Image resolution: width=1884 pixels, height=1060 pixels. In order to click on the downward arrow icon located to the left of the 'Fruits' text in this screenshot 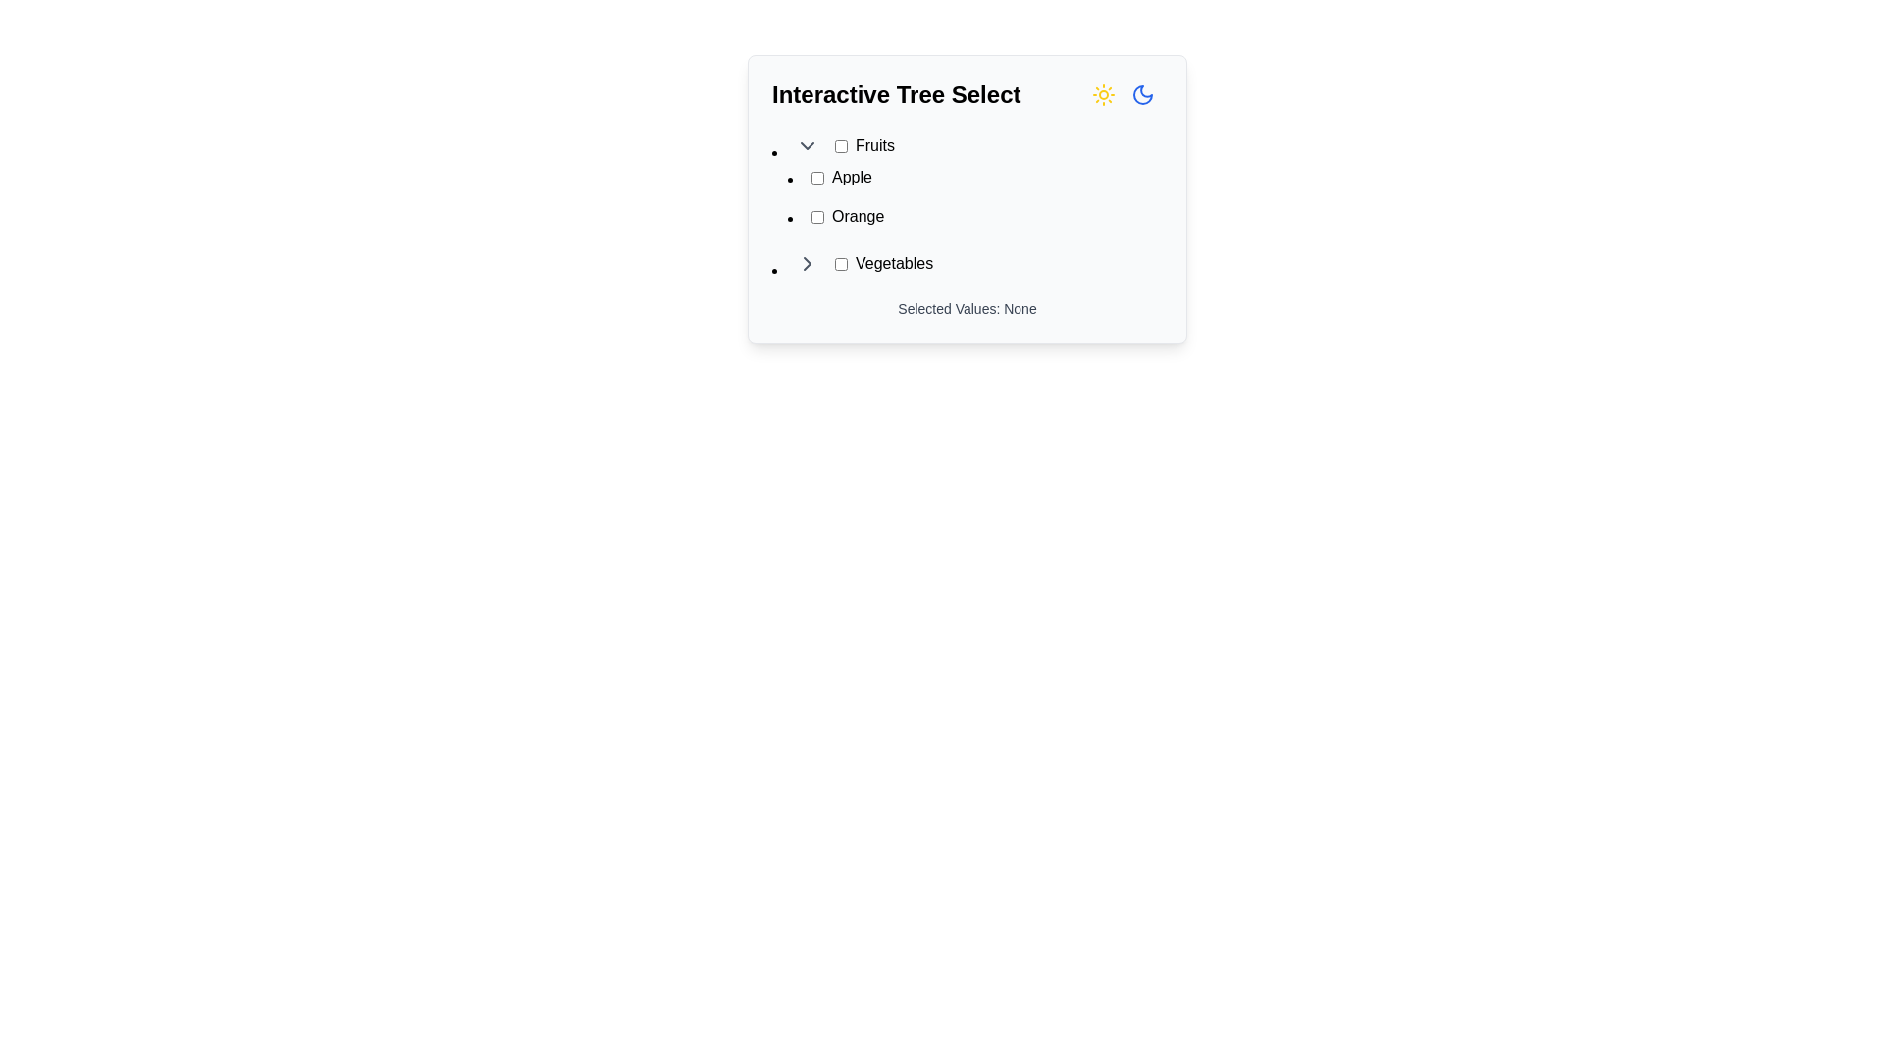, I will do `click(807, 145)`.